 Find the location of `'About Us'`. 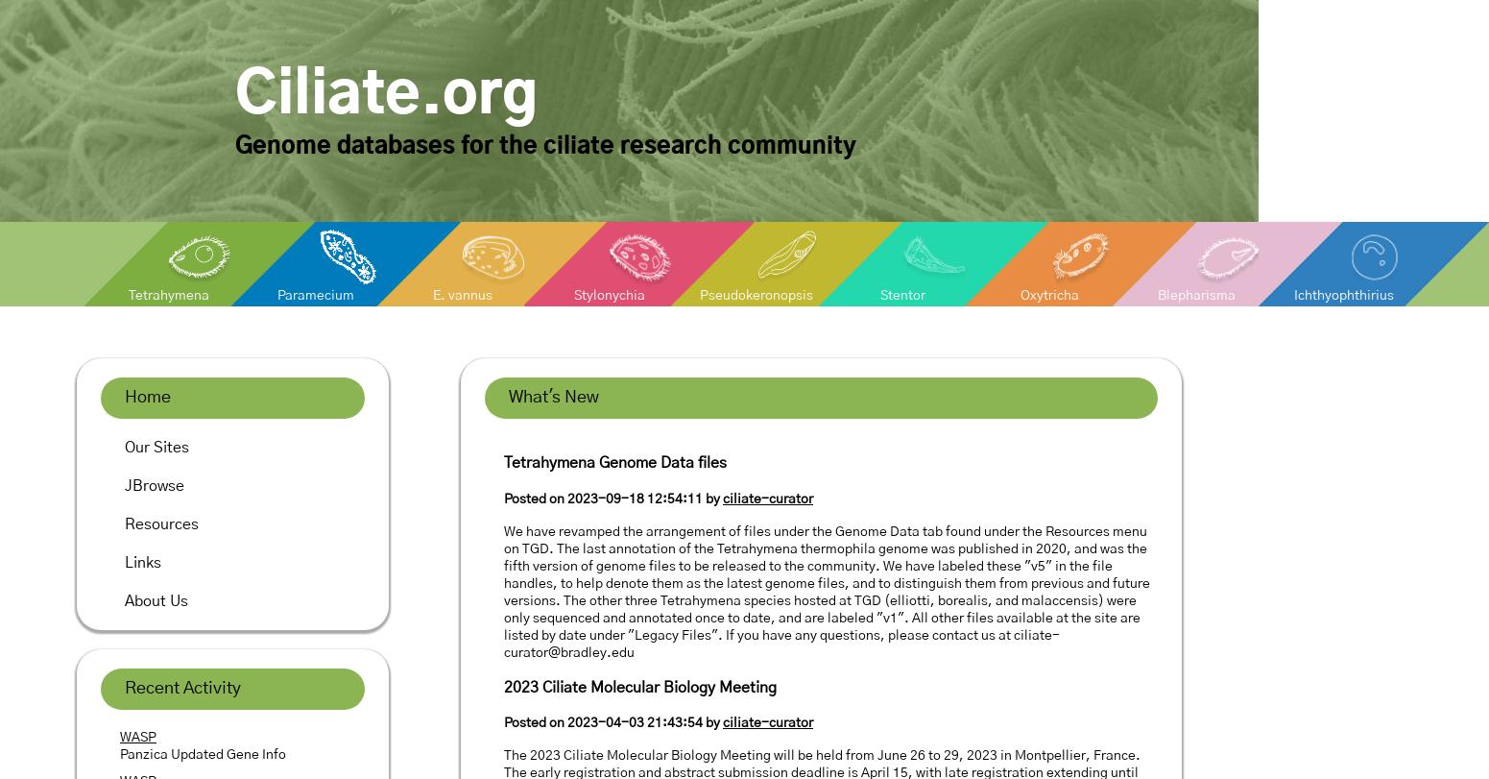

'About Us' is located at coordinates (156, 600).